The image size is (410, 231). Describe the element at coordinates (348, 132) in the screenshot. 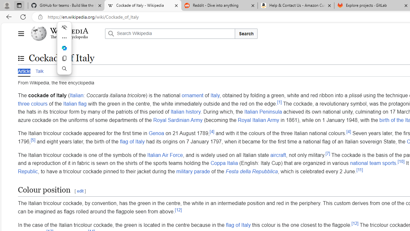

I see `'[4]'` at that location.